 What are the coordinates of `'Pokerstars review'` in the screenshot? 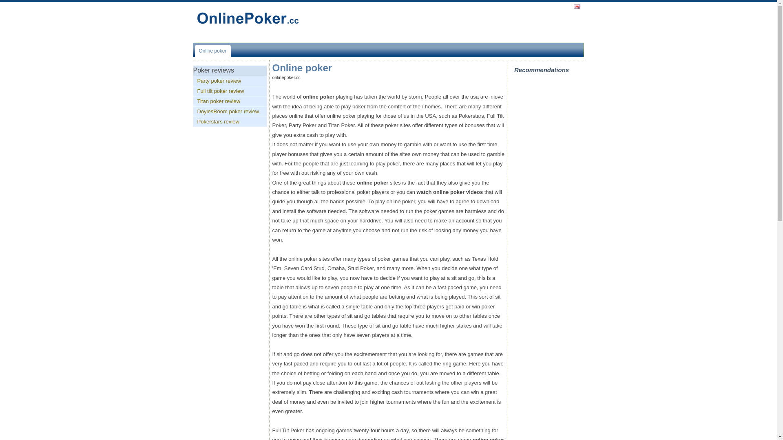 It's located at (230, 122).